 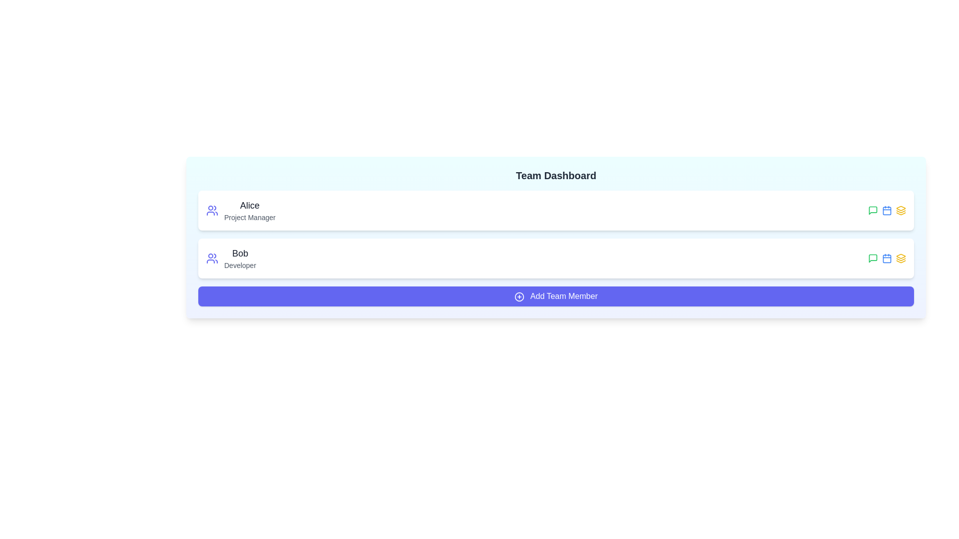 What do you see at coordinates (872, 210) in the screenshot?
I see `the outlined green message bubble icon located on the right side of the row for 'Bob - Developer'` at bounding box center [872, 210].